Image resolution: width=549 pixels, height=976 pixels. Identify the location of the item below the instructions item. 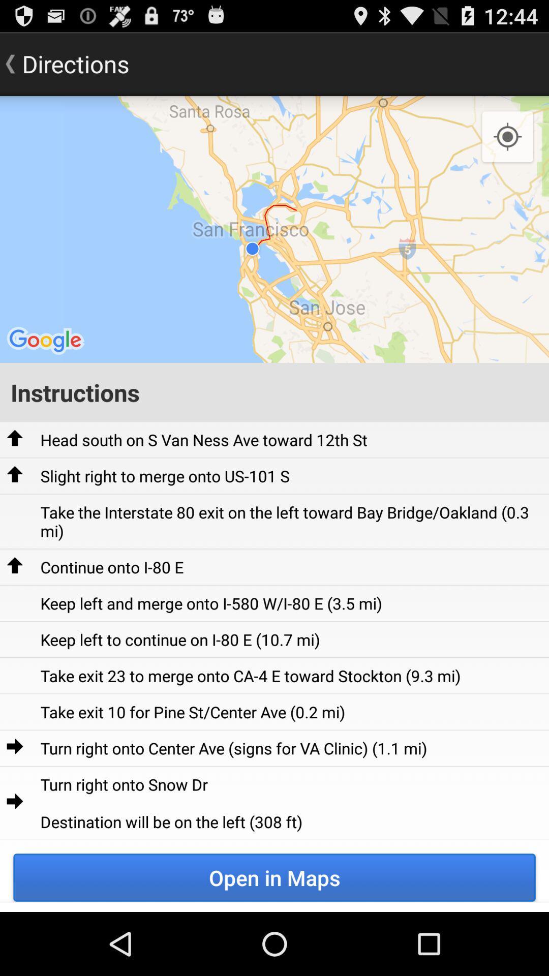
(204, 440).